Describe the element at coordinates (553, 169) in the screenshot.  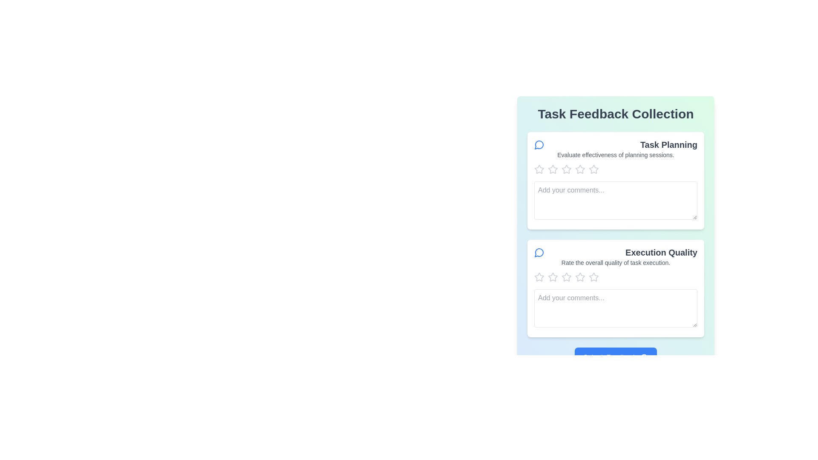
I see `the third star icon in the 5-star rating system to rate it as the third level of rating in the 'Task Planning' section of the 'Task Feedback Collection' card` at that location.